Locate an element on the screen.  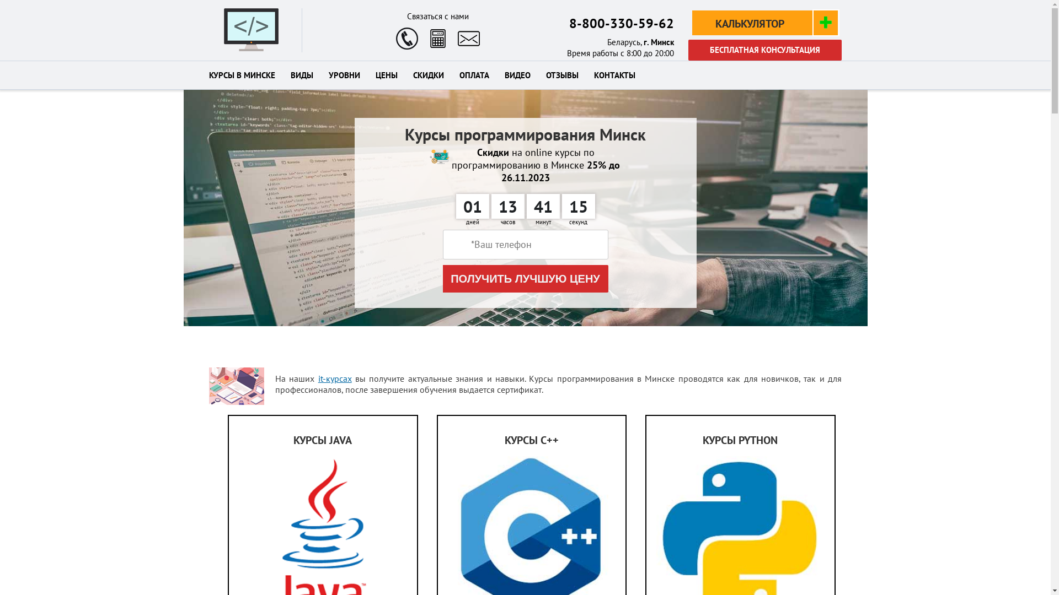
'8-800-330-59-62' is located at coordinates (622, 23).